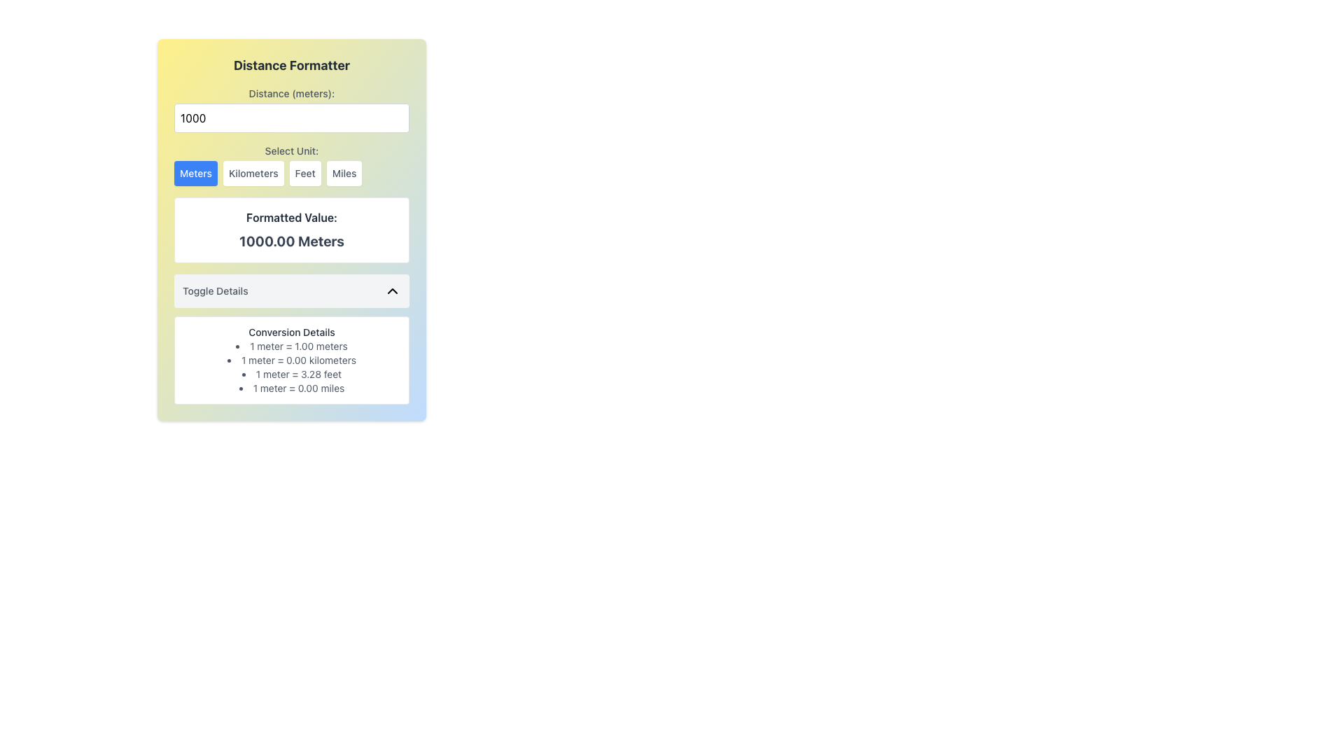 Image resolution: width=1344 pixels, height=756 pixels. What do you see at coordinates (291, 339) in the screenshot?
I see `detailed conversion information displayed in the Information Display located beneath the 'Toggle Details' header within the 'Distance Formatter' component` at bounding box center [291, 339].